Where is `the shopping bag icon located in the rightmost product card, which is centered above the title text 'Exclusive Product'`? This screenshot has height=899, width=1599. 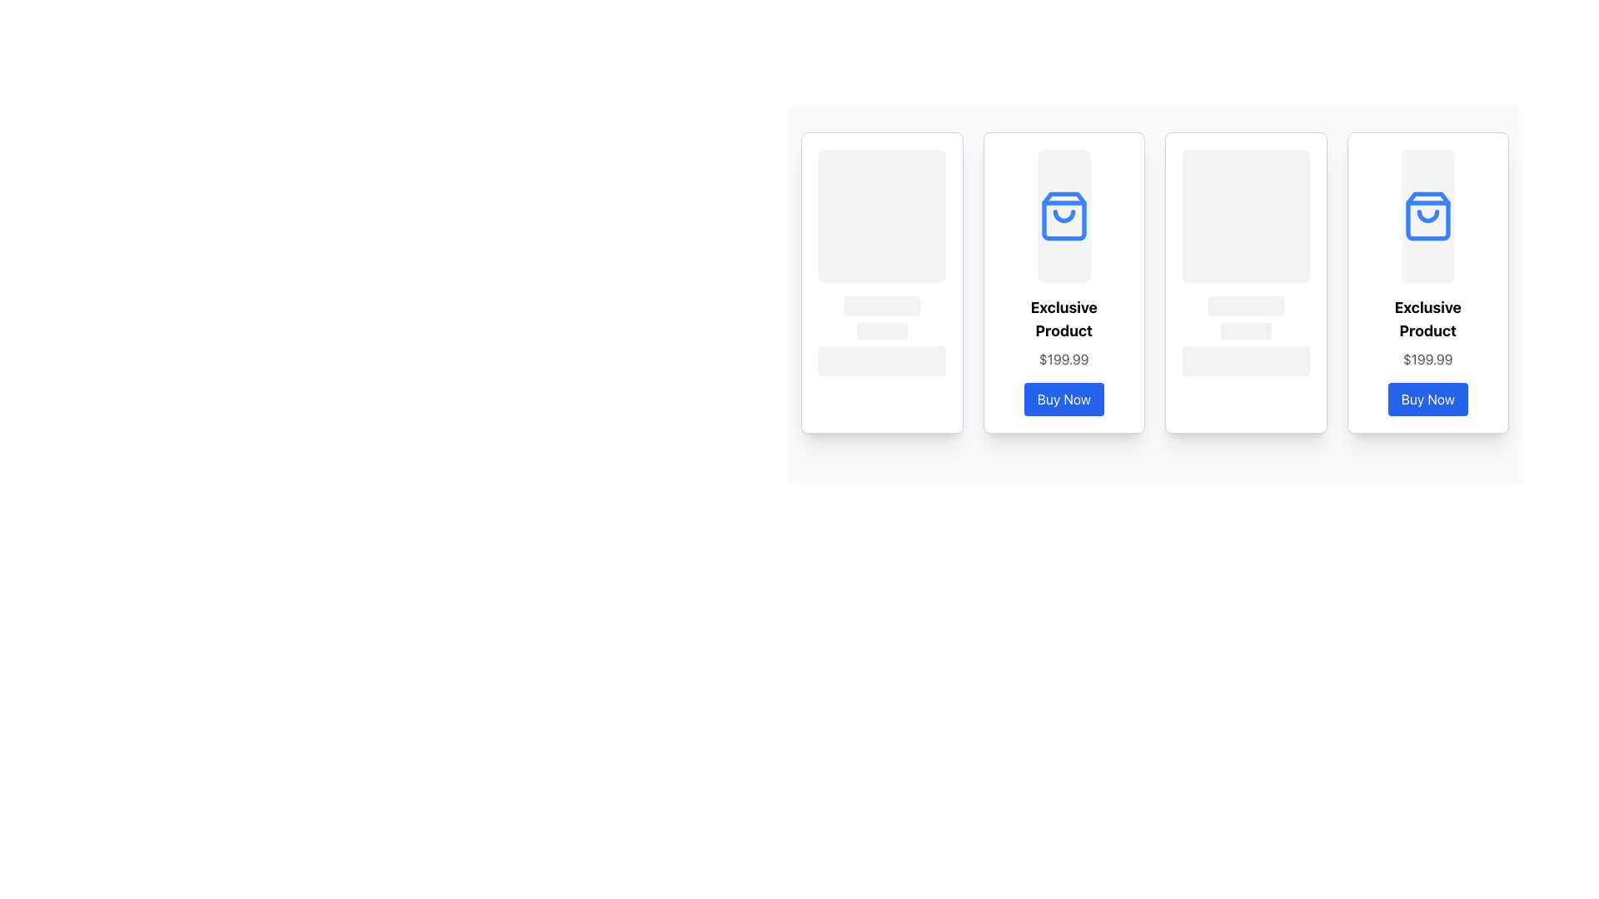 the shopping bag icon located in the rightmost product card, which is centered above the title text 'Exclusive Product' is located at coordinates (1427, 215).